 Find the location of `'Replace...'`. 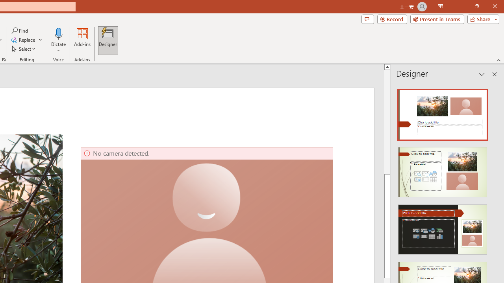

'Replace...' is located at coordinates (24, 40).